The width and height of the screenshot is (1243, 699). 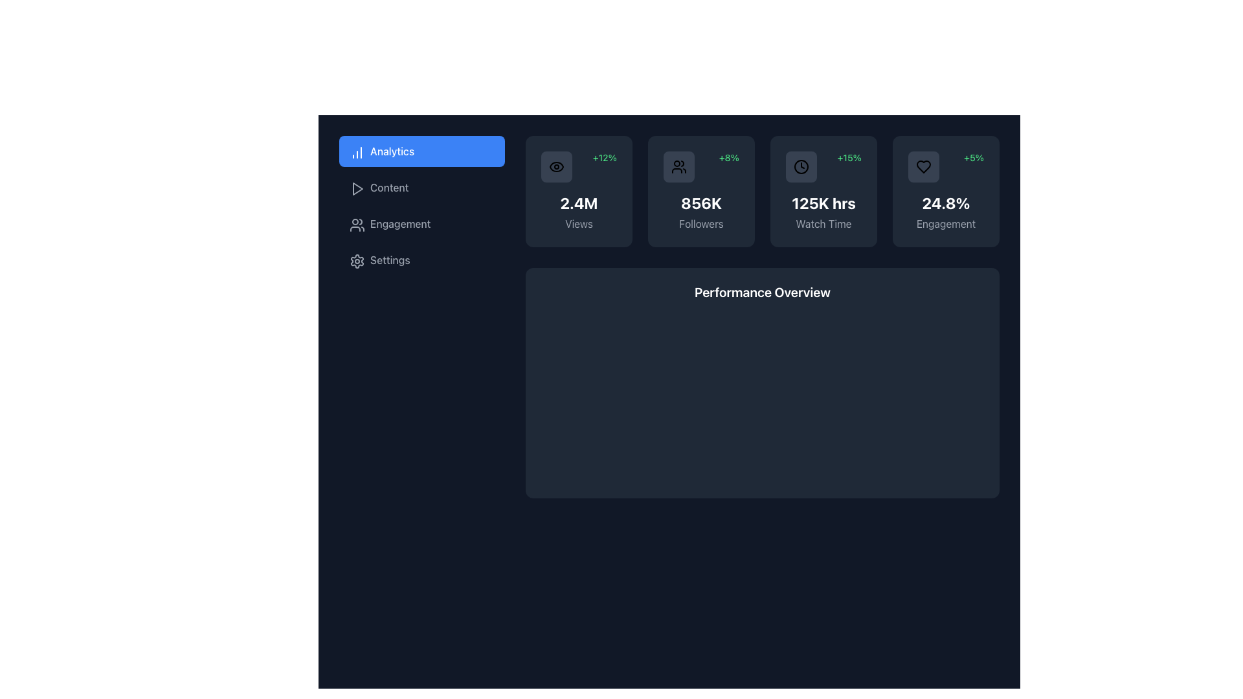 What do you see at coordinates (823, 203) in the screenshot?
I see `text label displaying '125K hrs' which is prominently styled in large, bold, white letters, located in the top-right area of the interface, below a green text showing '+15%' and above a gray text labeled 'Watch Time'` at bounding box center [823, 203].